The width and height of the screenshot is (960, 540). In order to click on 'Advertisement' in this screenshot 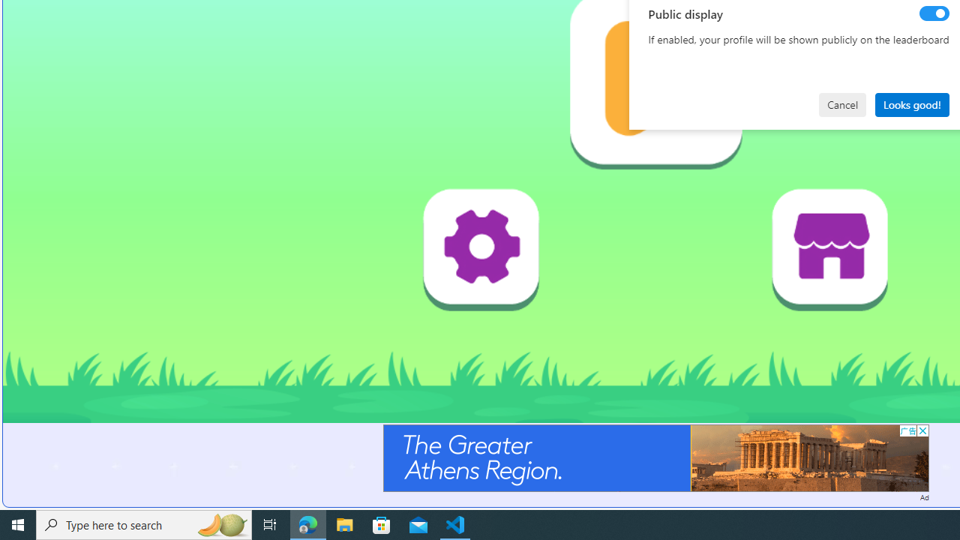, I will do `click(655, 457)`.